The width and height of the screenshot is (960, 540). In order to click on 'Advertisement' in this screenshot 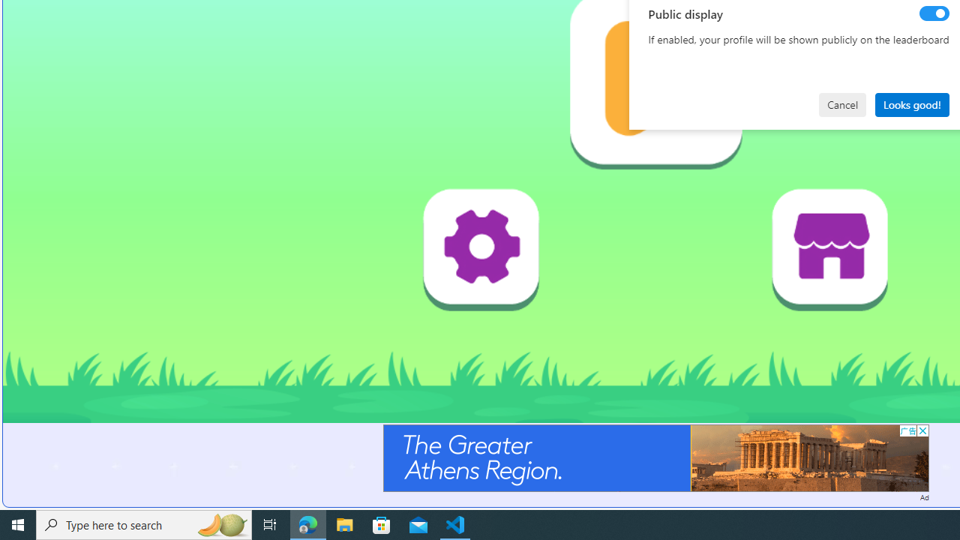, I will do `click(655, 457)`.